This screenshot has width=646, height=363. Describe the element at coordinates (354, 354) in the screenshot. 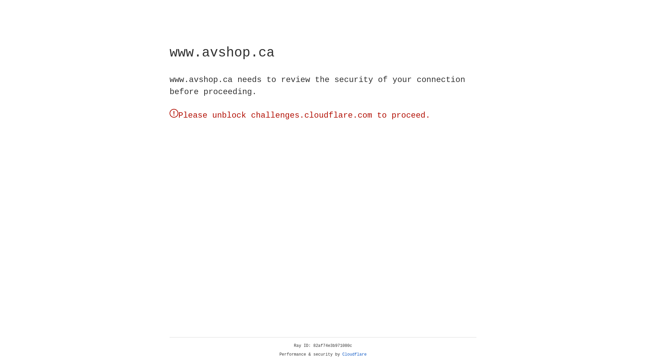

I see `'Cloudflare'` at that location.